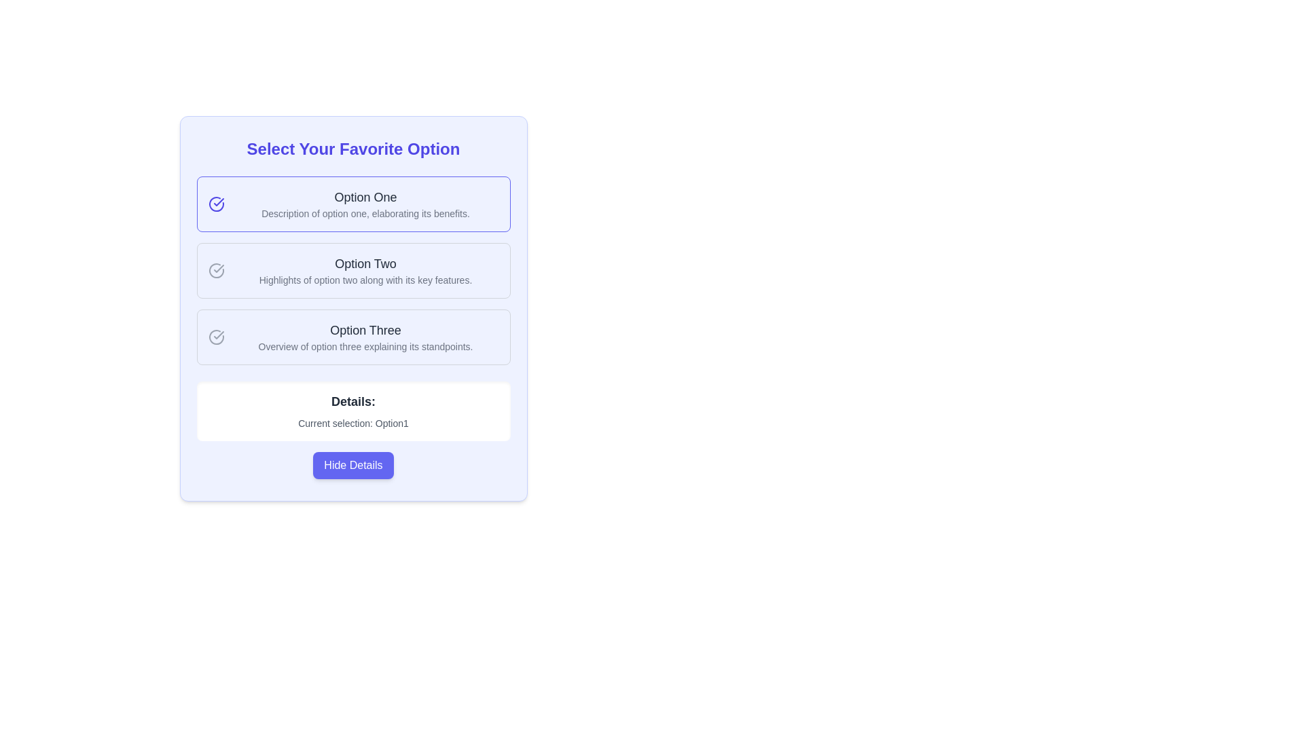 The image size is (1304, 733). I want to click on the selection indicator icon for the second option in the 'Option Two' block, which marks it as a selectable item, so click(215, 270).